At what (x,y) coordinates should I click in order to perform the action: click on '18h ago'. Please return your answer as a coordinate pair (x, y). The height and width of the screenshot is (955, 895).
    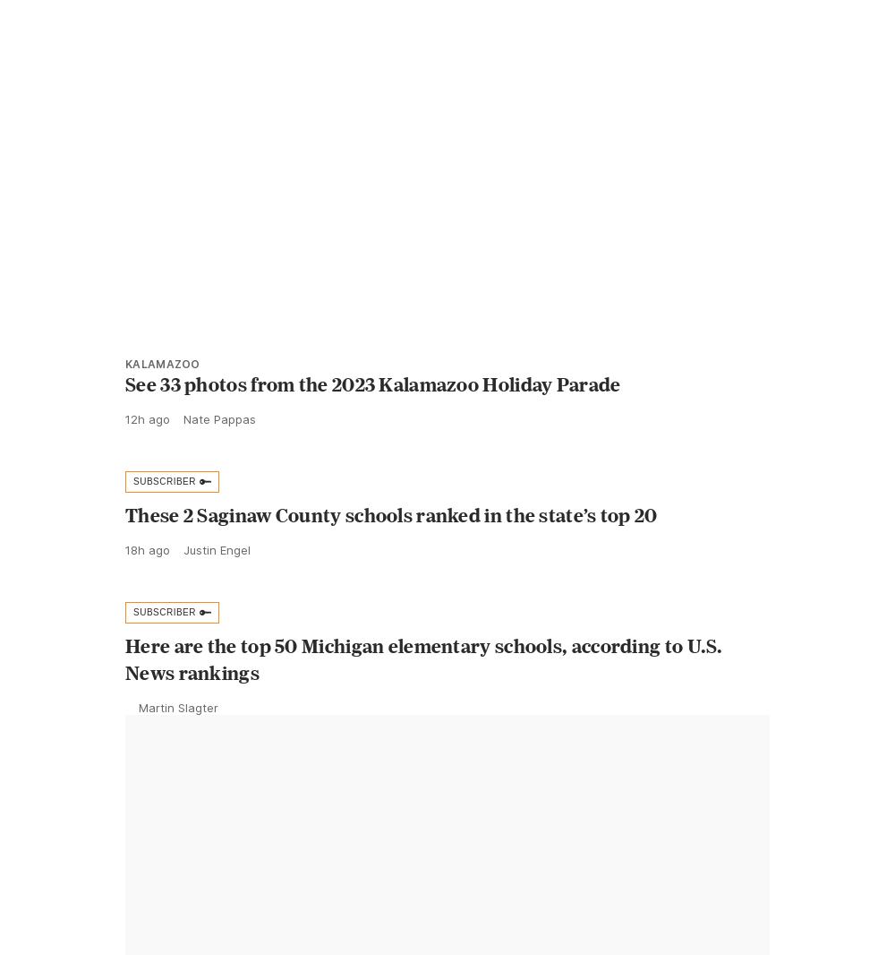
    Looking at the image, I should click on (148, 589).